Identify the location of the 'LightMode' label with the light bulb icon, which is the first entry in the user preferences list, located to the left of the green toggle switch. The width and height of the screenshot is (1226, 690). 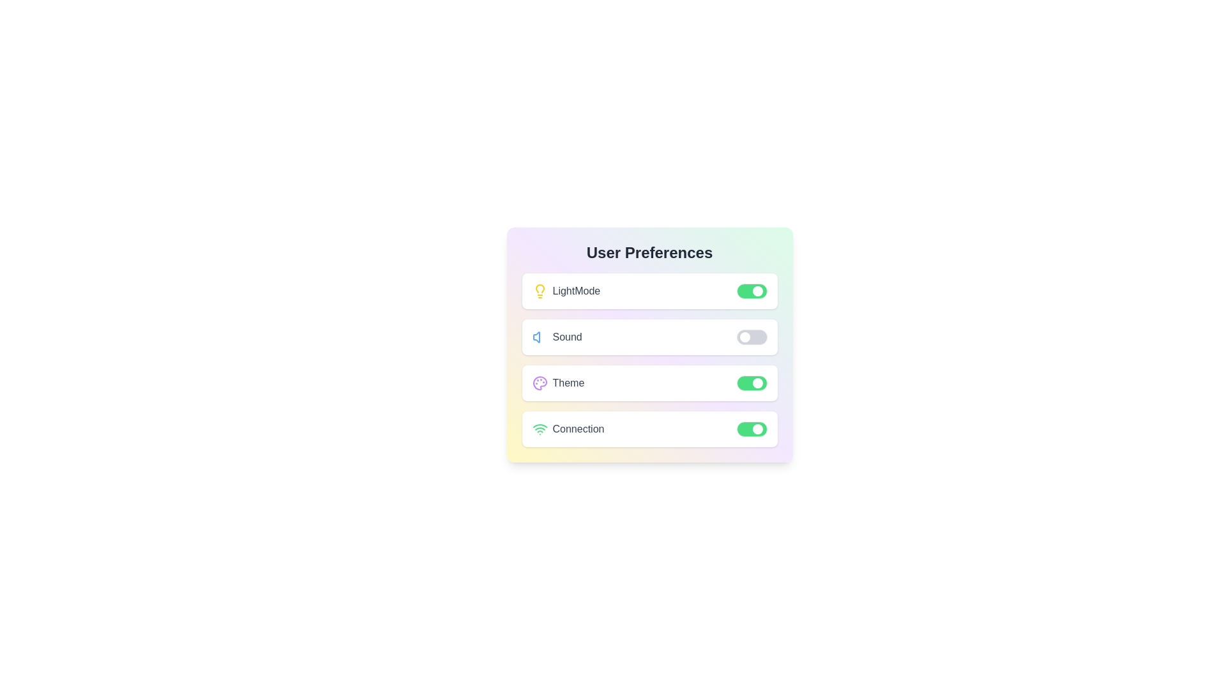
(565, 291).